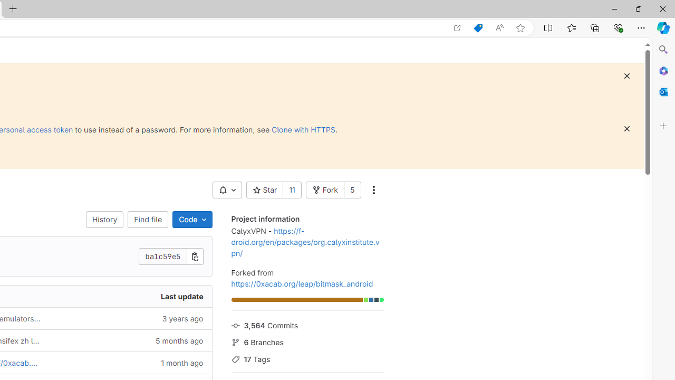  What do you see at coordinates (130, 362) in the screenshot?
I see `'1 month ago'` at bounding box center [130, 362].